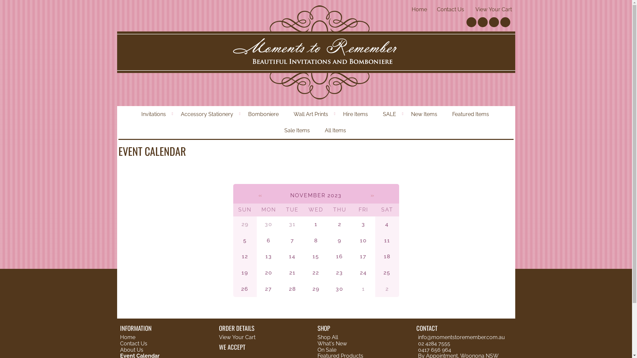  Describe the element at coordinates (390, 114) in the screenshot. I see `'SALE'` at that location.